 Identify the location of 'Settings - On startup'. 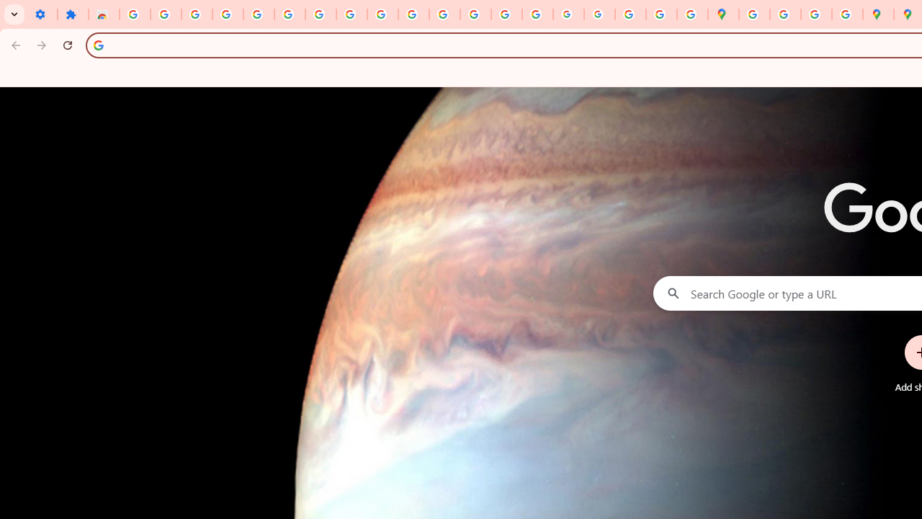
(42, 14).